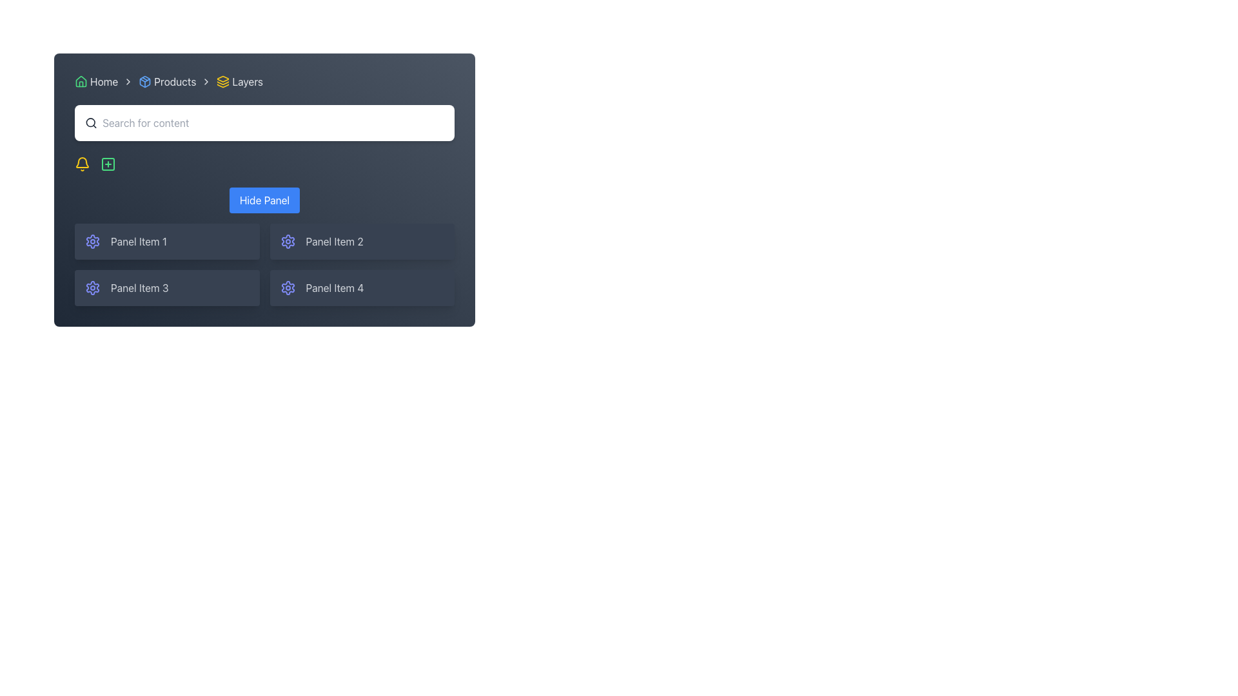  Describe the element at coordinates (95, 82) in the screenshot. I see `the Breadcrumb Navigation Item, which features a green outlined house icon and the text 'Home' in white` at that location.